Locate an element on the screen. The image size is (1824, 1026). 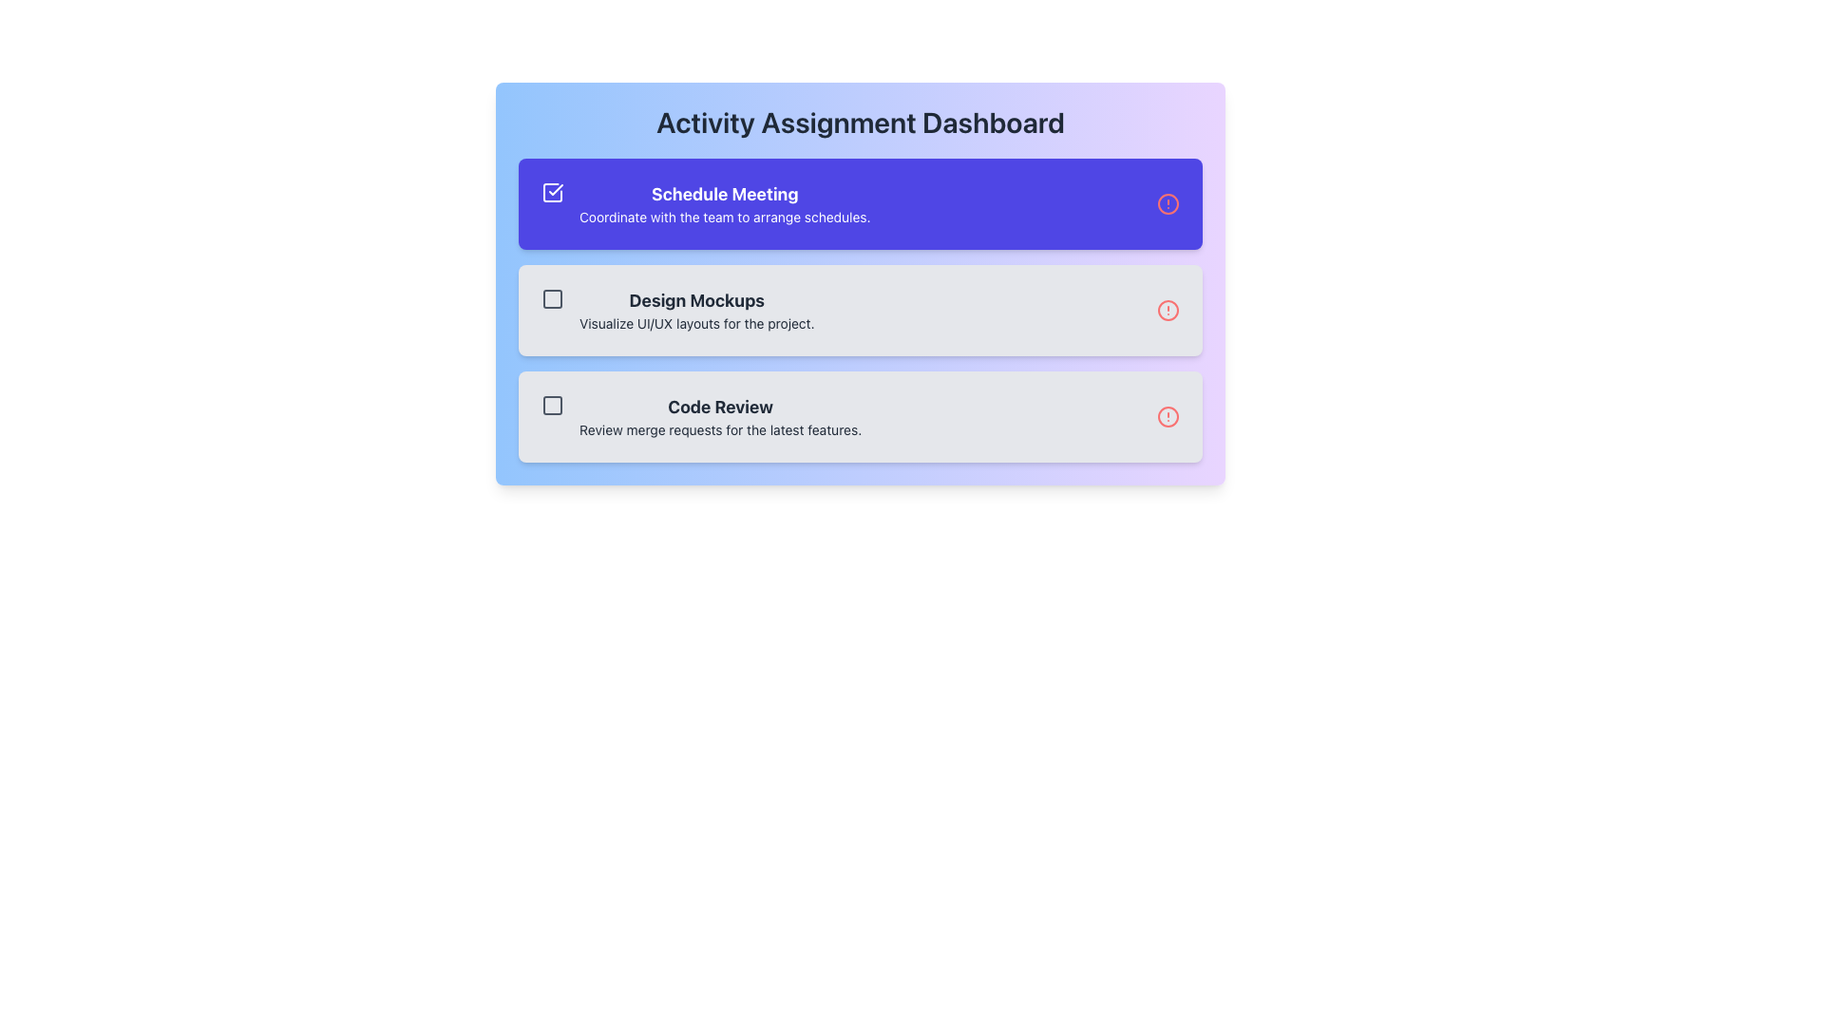
the first checkbox-like indicator for marking the 'Schedule Meeting' task as completed, located on the left side of the text content in the blue panel is located at coordinates (551, 193).